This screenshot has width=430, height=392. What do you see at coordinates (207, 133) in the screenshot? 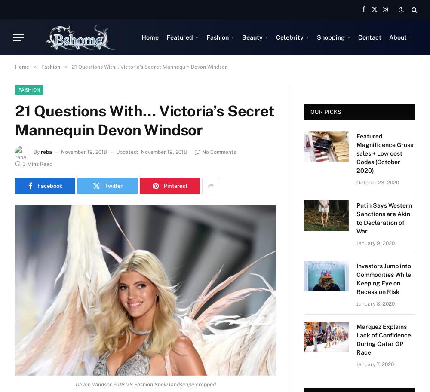
I see `'Gifts that Leave a Mark: Shine with style, In WONDERLAND'` at bounding box center [207, 133].